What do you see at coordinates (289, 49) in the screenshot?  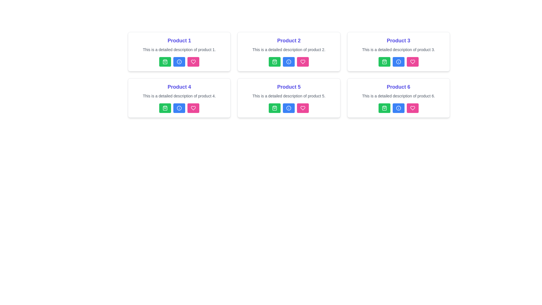 I see `the text label that reads 'This is a detailed description of product 2.' which is styled in gray and located within the second card below the title 'Product 2'` at bounding box center [289, 49].